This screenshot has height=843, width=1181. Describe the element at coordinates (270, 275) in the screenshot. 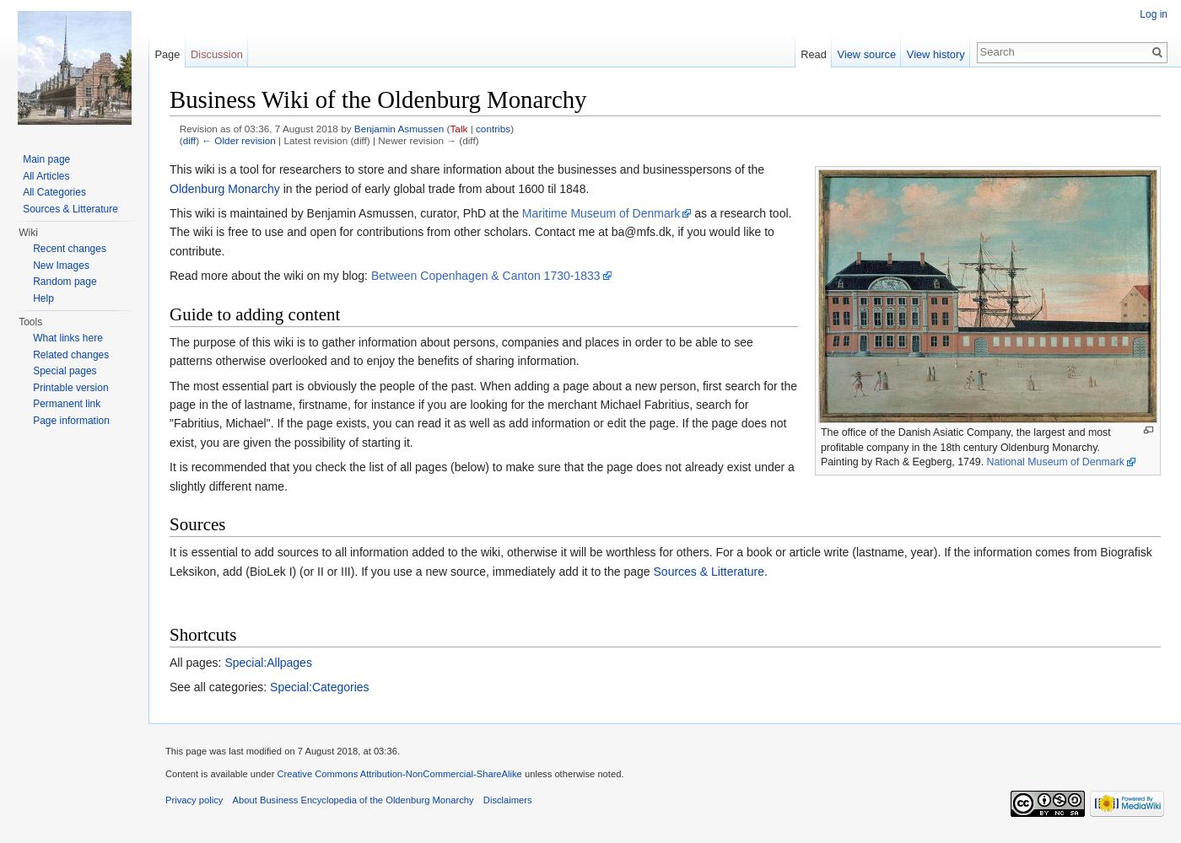

I see `'Read more about the wiki on my blog:'` at that location.